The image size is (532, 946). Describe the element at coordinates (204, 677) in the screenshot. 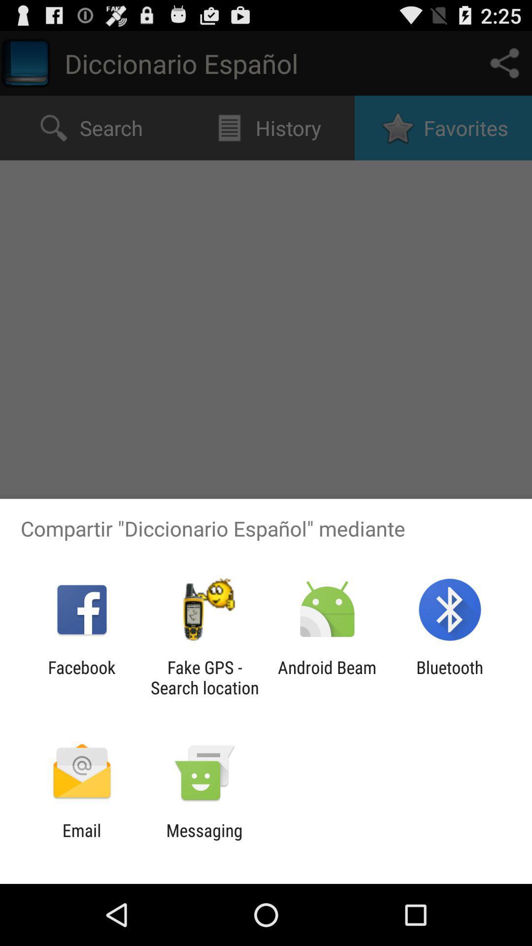

I see `item next to android beam app` at that location.